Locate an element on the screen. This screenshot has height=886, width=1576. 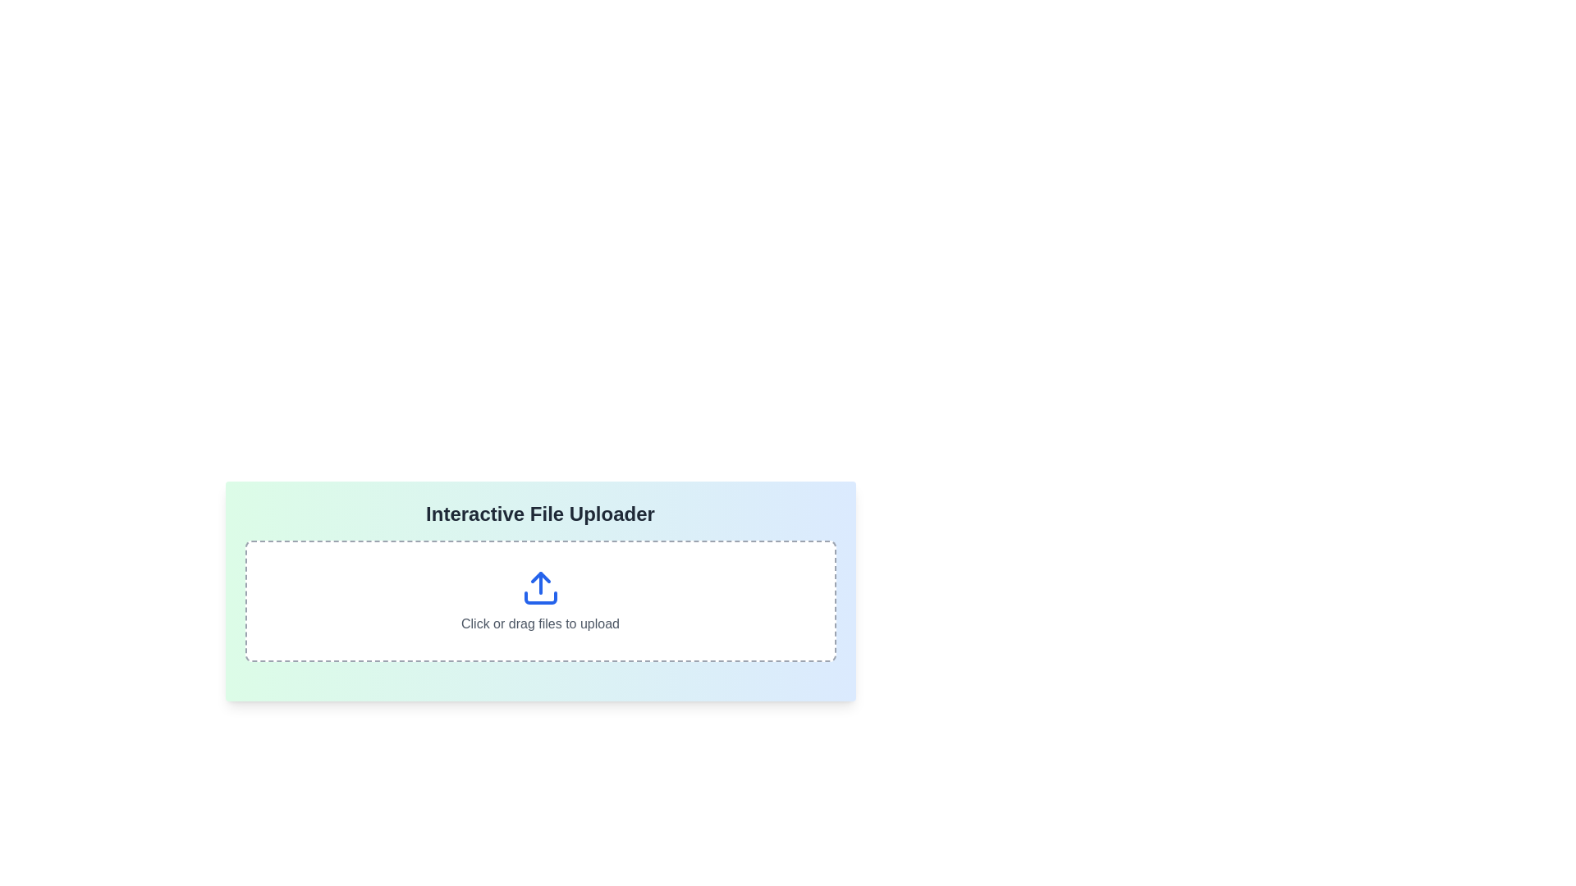
and drop files onto the 'Interactive File Uploader' area, which is a rounded rectangular section with a gradient background and instructions for file upload is located at coordinates (540, 591).